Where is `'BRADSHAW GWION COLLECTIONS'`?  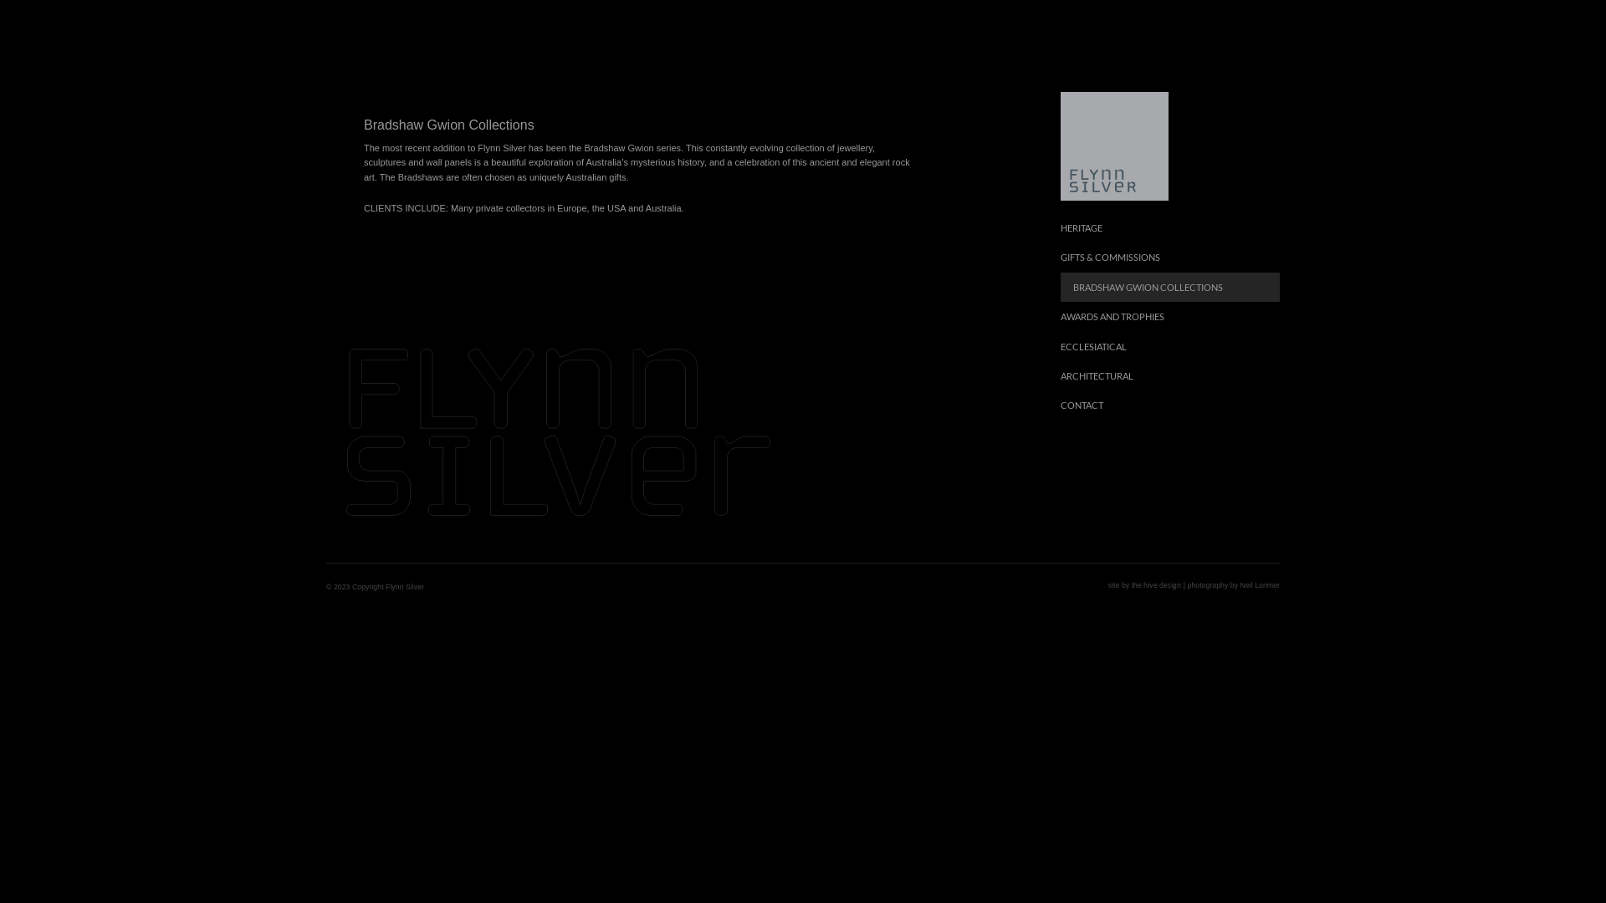 'BRADSHAW GWION COLLECTIONS' is located at coordinates (1059, 286).